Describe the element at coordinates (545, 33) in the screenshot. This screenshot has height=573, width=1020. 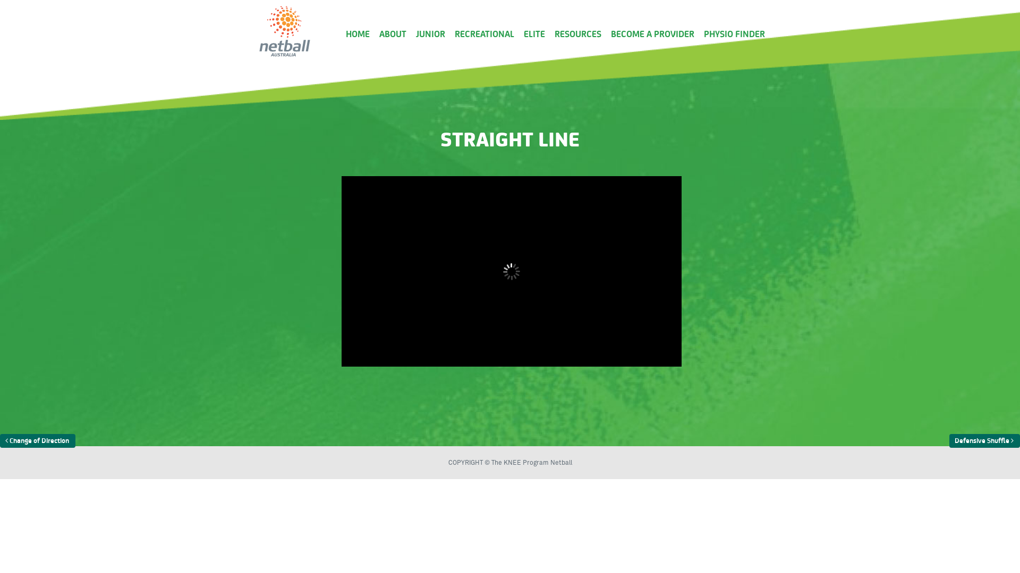
I see `'RESOURCES'` at that location.